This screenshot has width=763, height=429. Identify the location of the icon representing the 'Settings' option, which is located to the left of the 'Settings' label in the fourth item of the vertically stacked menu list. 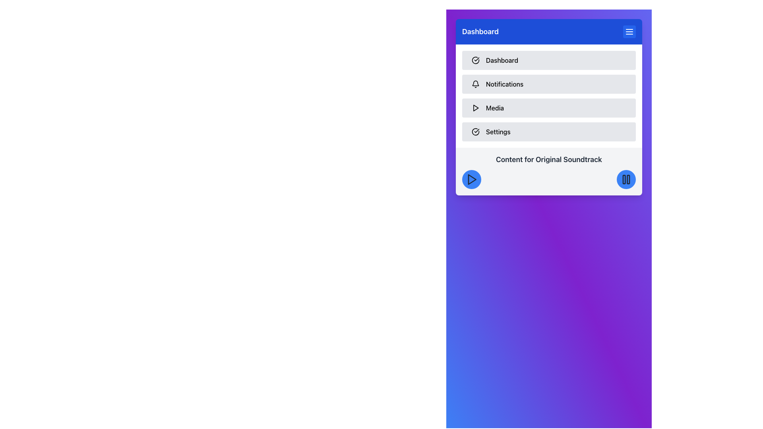
(475, 131).